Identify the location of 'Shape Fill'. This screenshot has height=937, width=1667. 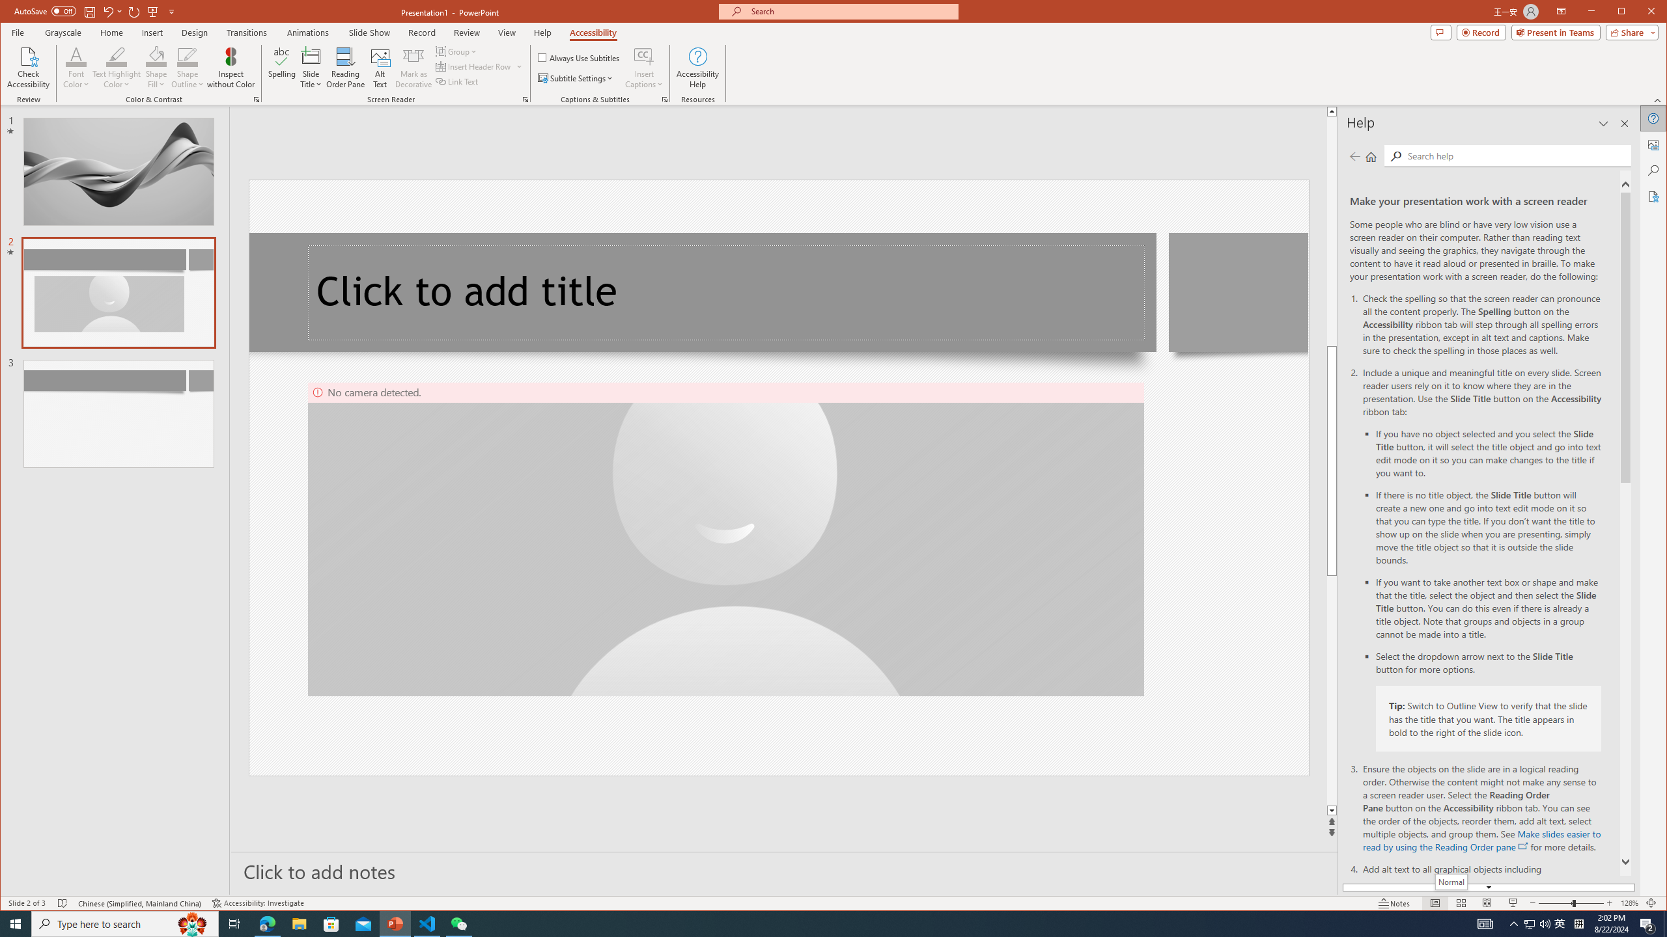
(156, 67).